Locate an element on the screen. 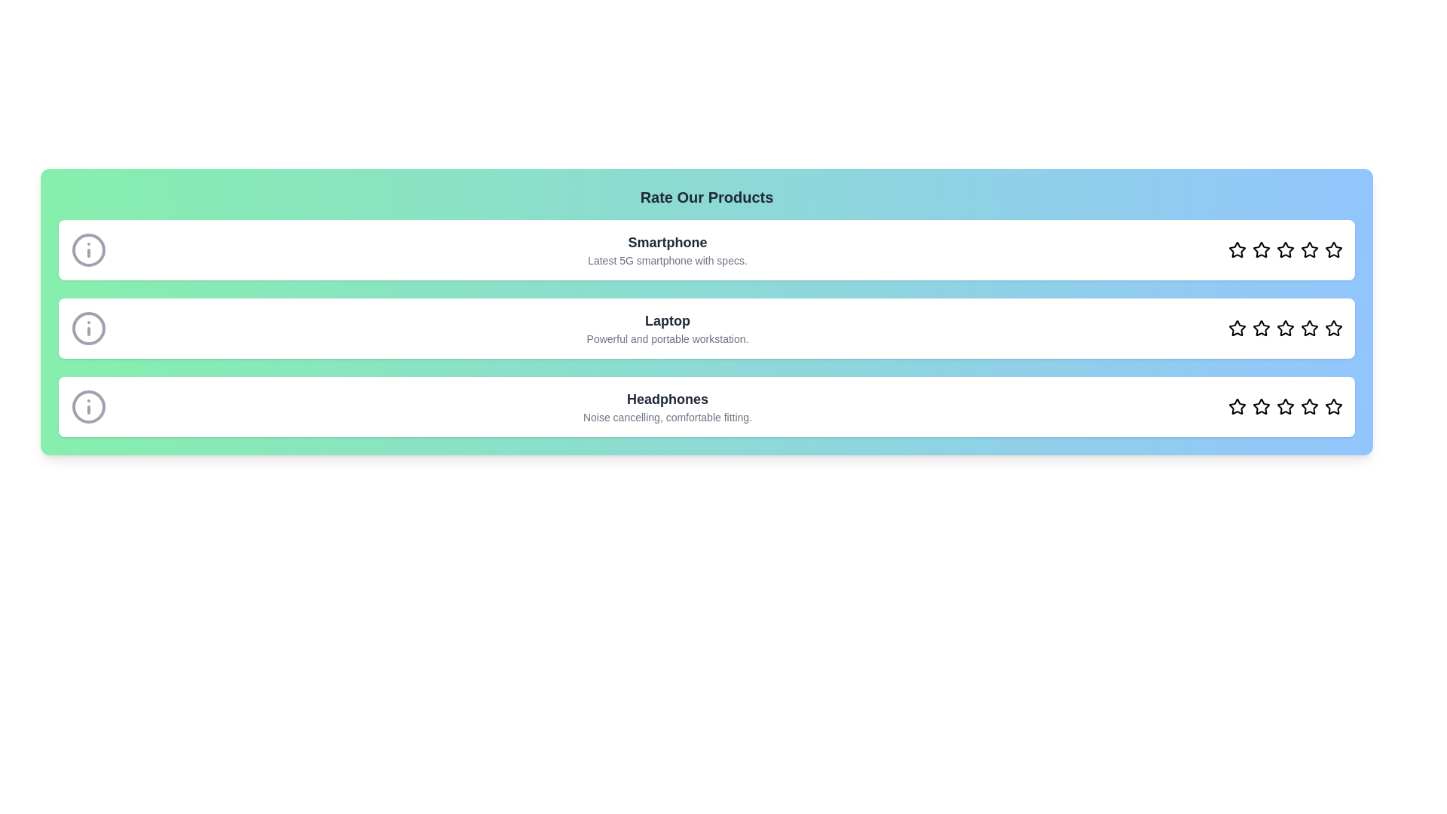  the 4th star-shaped icon in the top right of the product rating section for 'Smartphone' is located at coordinates (1308, 249).